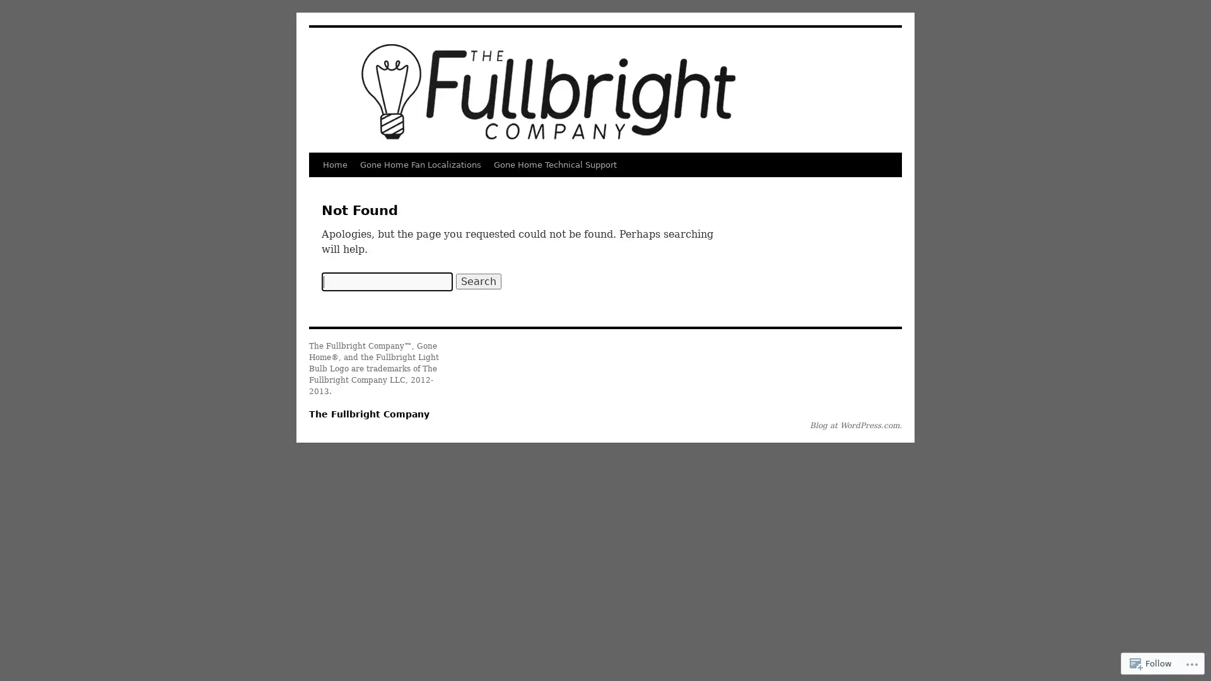  I want to click on Search, so click(477, 281).